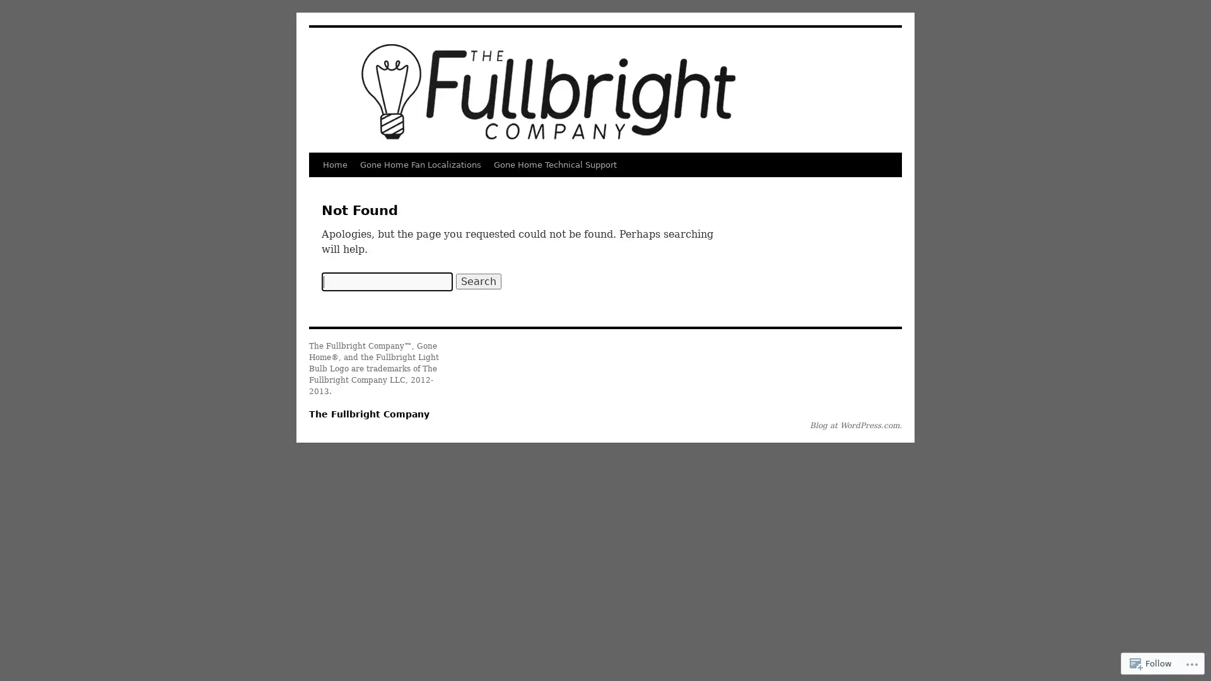  I want to click on Search, so click(477, 281).